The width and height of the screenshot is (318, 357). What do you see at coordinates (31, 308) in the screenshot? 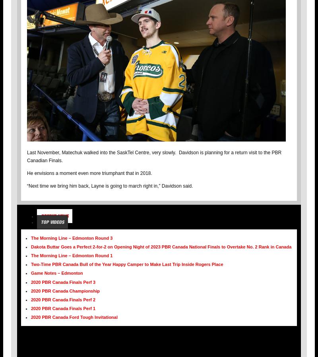
I see `'2020 PBR Canada Finals Perf 1'` at bounding box center [31, 308].